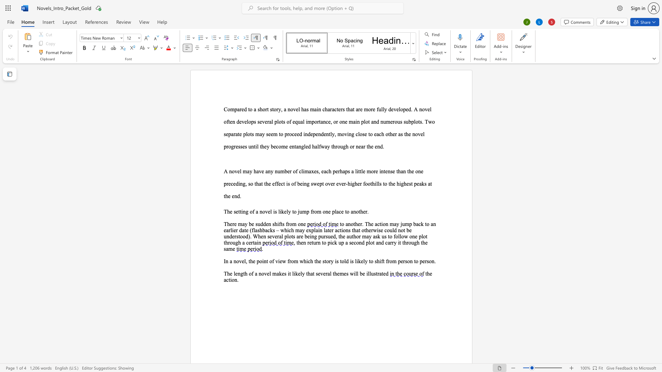 The image size is (662, 372). Describe the element at coordinates (227, 134) in the screenshot. I see `the 1th character "e" in the text` at that location.